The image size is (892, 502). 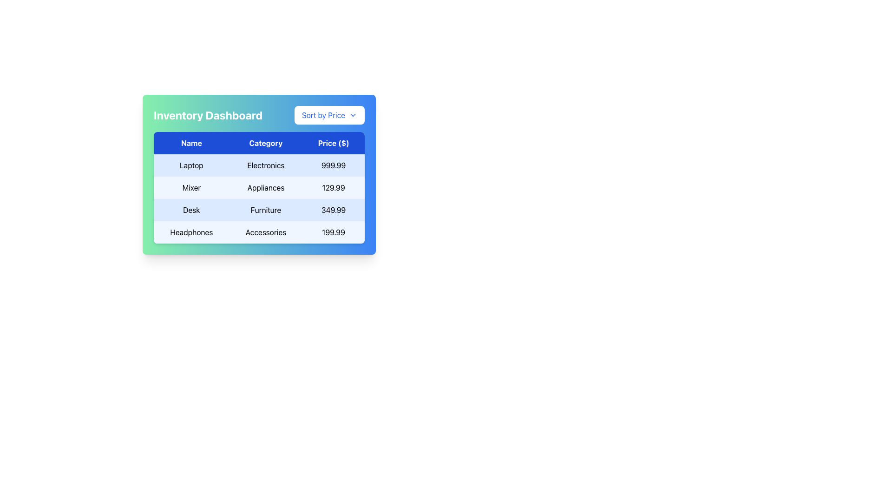 What do you see at coordinates (334, 143) in the screenshot?
I see `the 'Price ($)' text label, which is the third column header in a table, displaying white text on a dark blue background` at bounding box center [334, 143].